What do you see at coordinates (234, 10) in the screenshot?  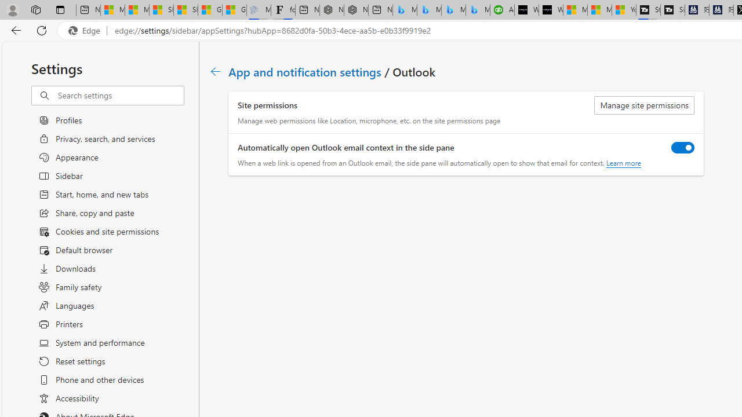 I see `'Gilma and Hector both pose tropical trouble for Hawaii'` at bounding box center [234, 10].